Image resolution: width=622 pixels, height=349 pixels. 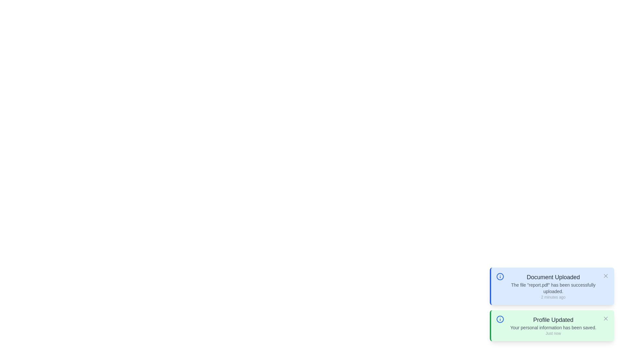 What do you see at coordinates (605, 276) in the screenshot?
I see `the close button of the notification to dismiss it` at bounding box center [605, 276].